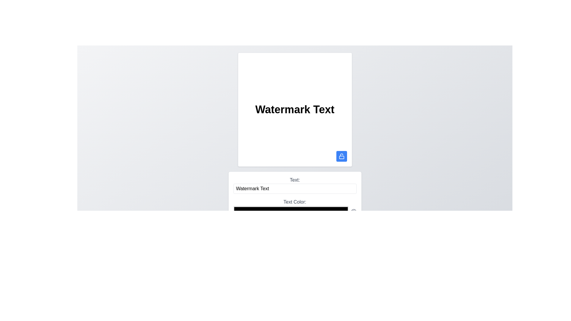  Describe the element at coordinates (295, 202) in the screenshot. I see `the label that indicates the purpose of the adjacent color selection component, which is located directly below the 'Text' input field and above the color selection component` at that location.